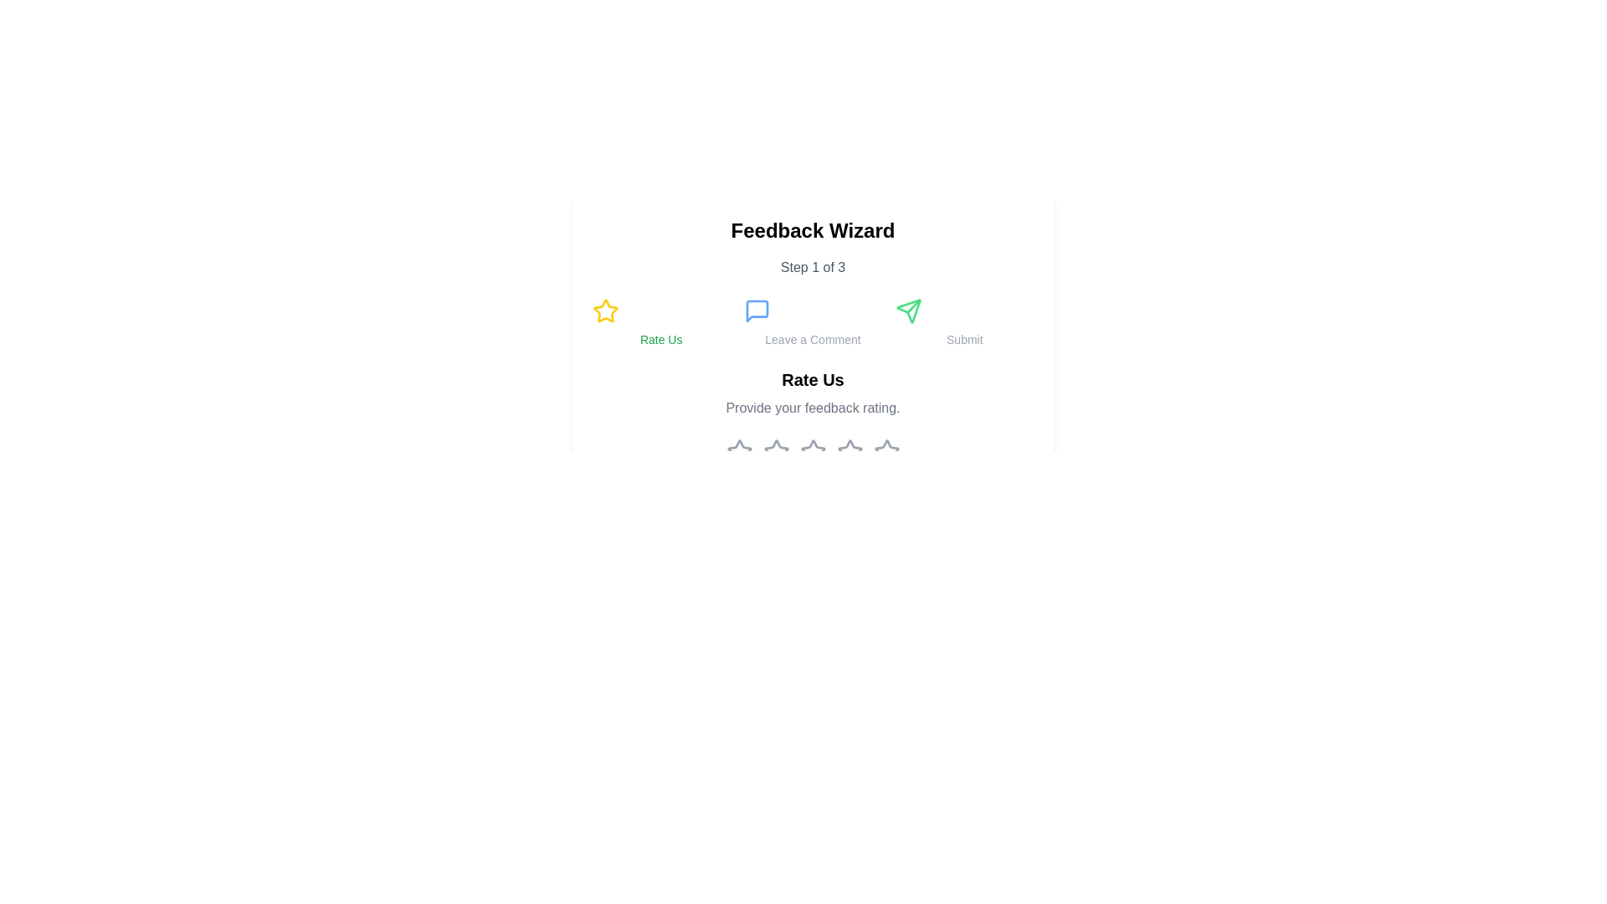 This screenshot has height=904, width=1607. I want to click on across the star icon in the 'Rate Us' section, so click(604, 311).